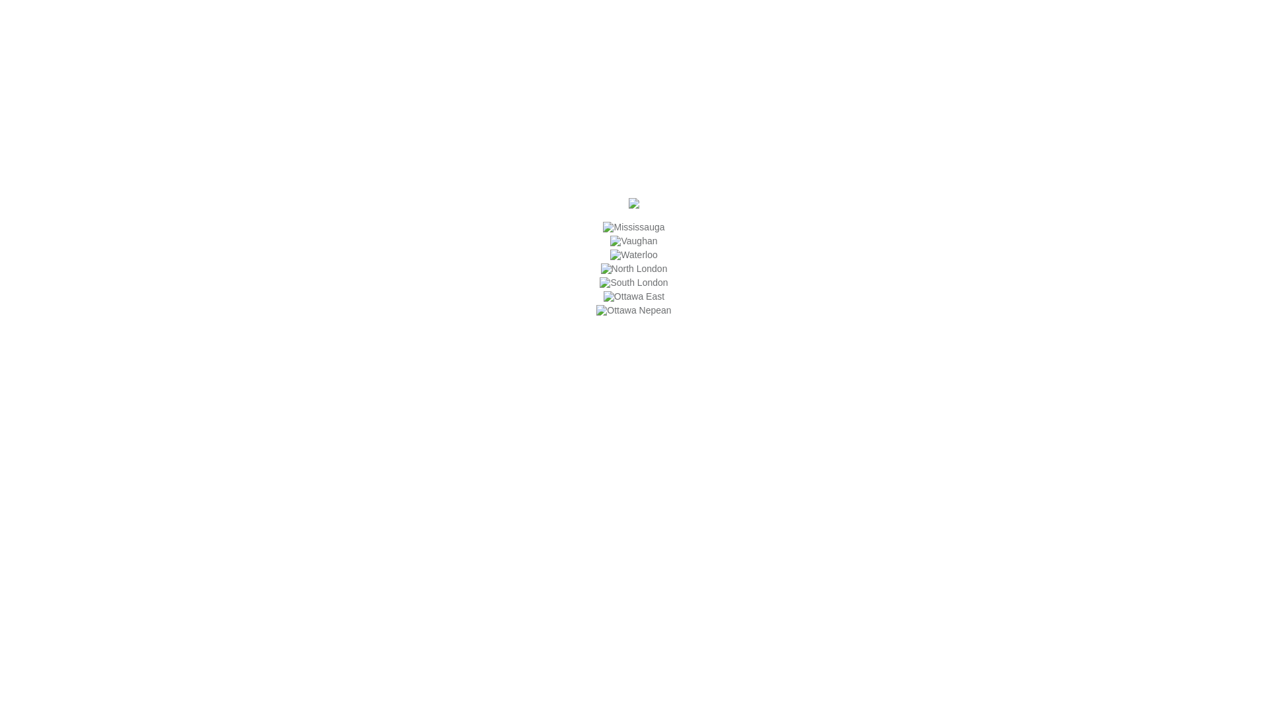  What do you see at coordinates (633, 310) in the screenshot?
I see `'Ottawa Nepean'` at bounding box center [633, 310].